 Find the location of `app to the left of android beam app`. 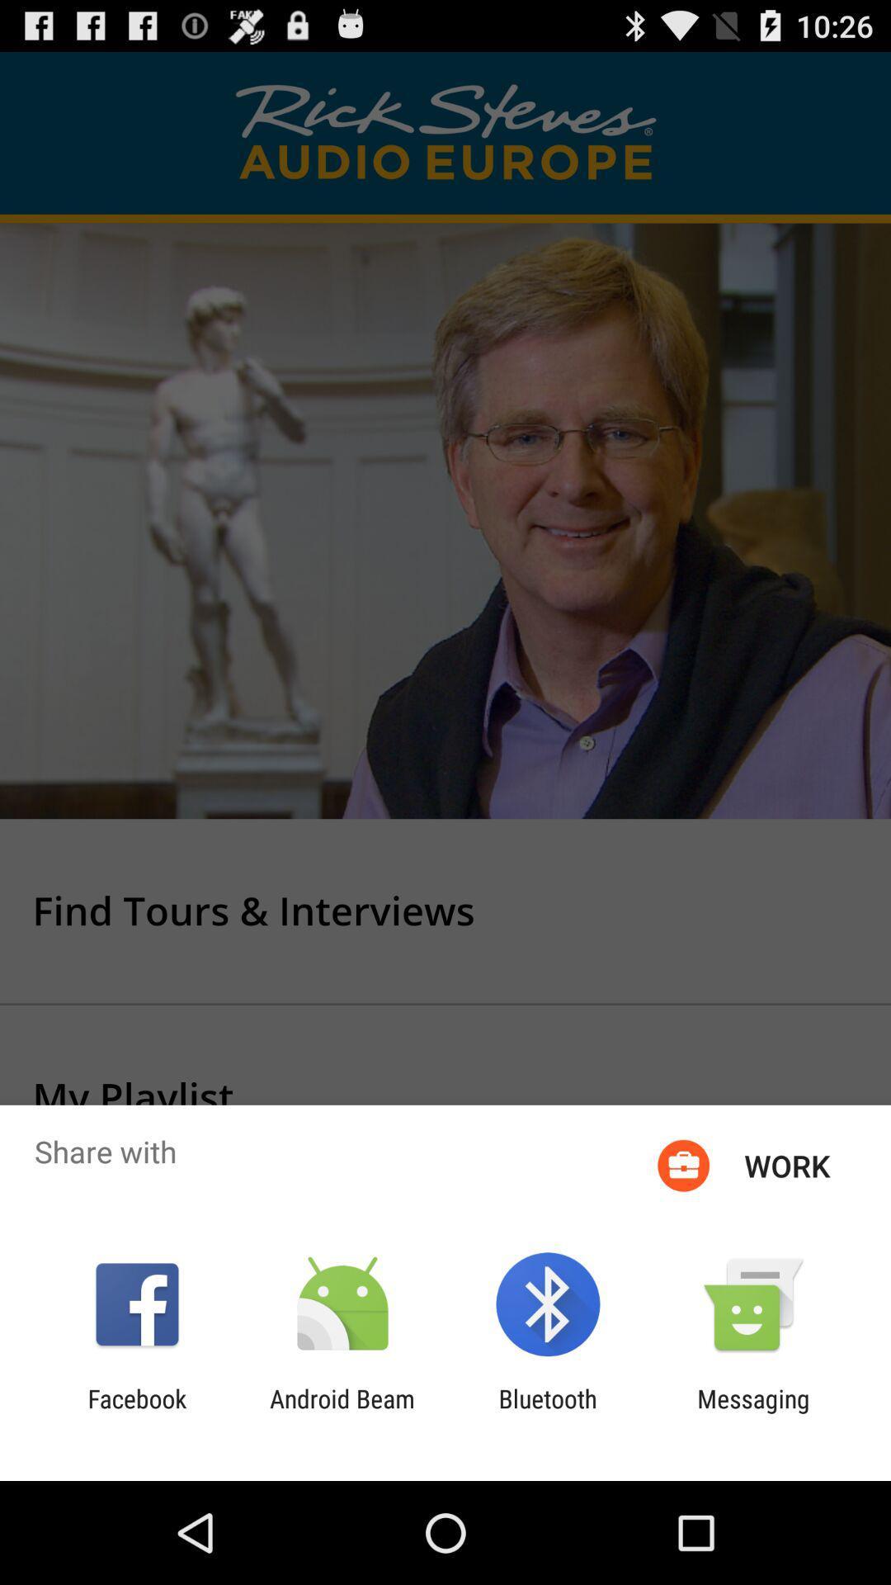

app to the left of android beam app is located at coordinates (136, 1412).